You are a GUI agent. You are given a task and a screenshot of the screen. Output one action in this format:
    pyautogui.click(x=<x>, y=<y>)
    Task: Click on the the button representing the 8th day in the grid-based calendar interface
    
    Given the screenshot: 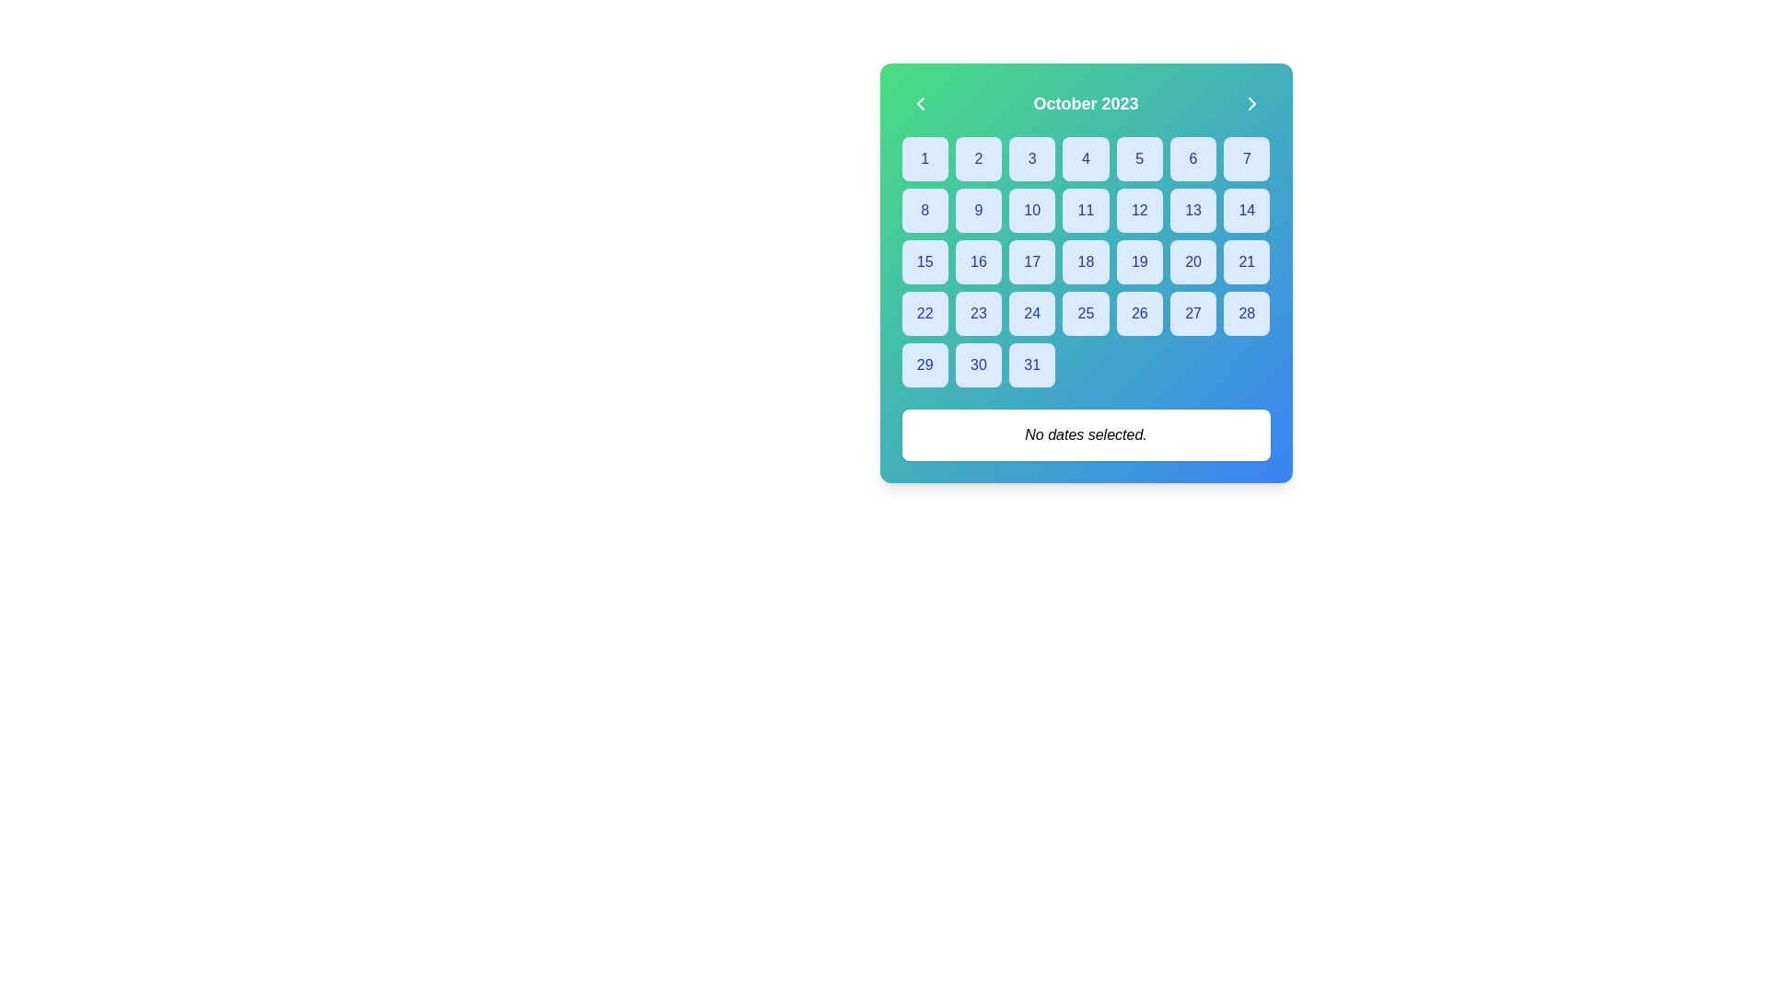 What is the action you would take?
    pyautogui.click(x=925, y=209)
    